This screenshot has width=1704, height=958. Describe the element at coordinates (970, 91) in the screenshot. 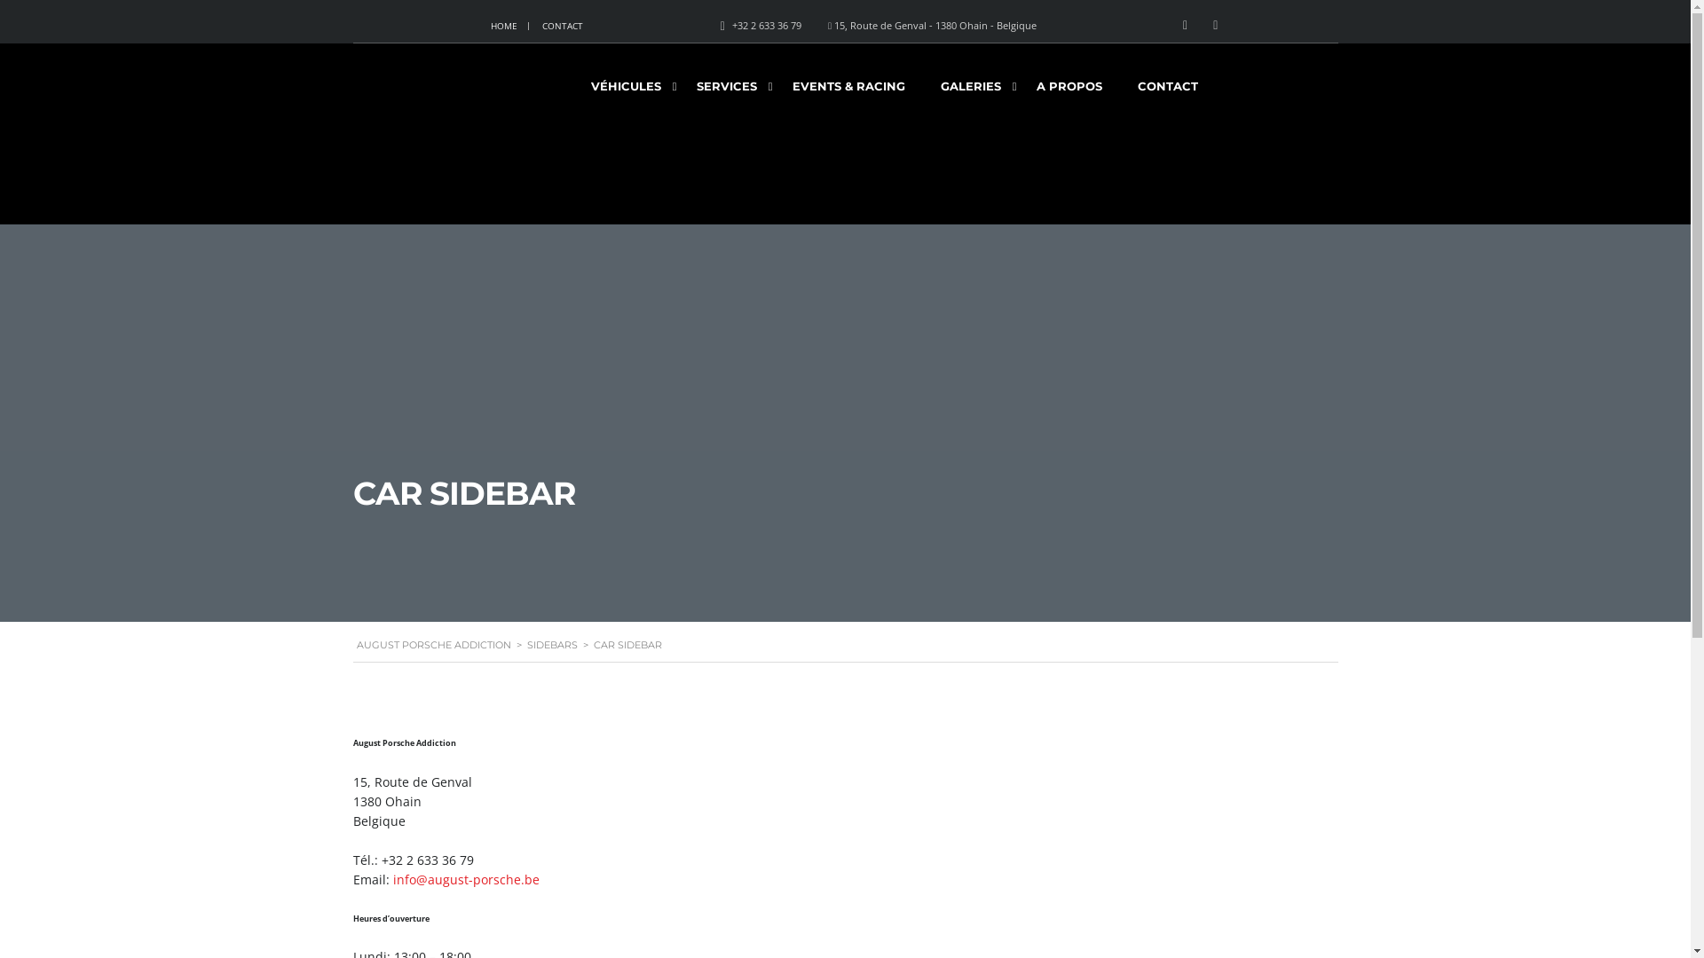

I see `'GALERIES'` at that location.